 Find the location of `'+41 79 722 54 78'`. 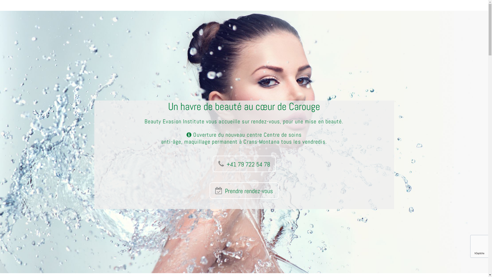

'+41 79 722 54 78' is located at coordinates (244, 164).